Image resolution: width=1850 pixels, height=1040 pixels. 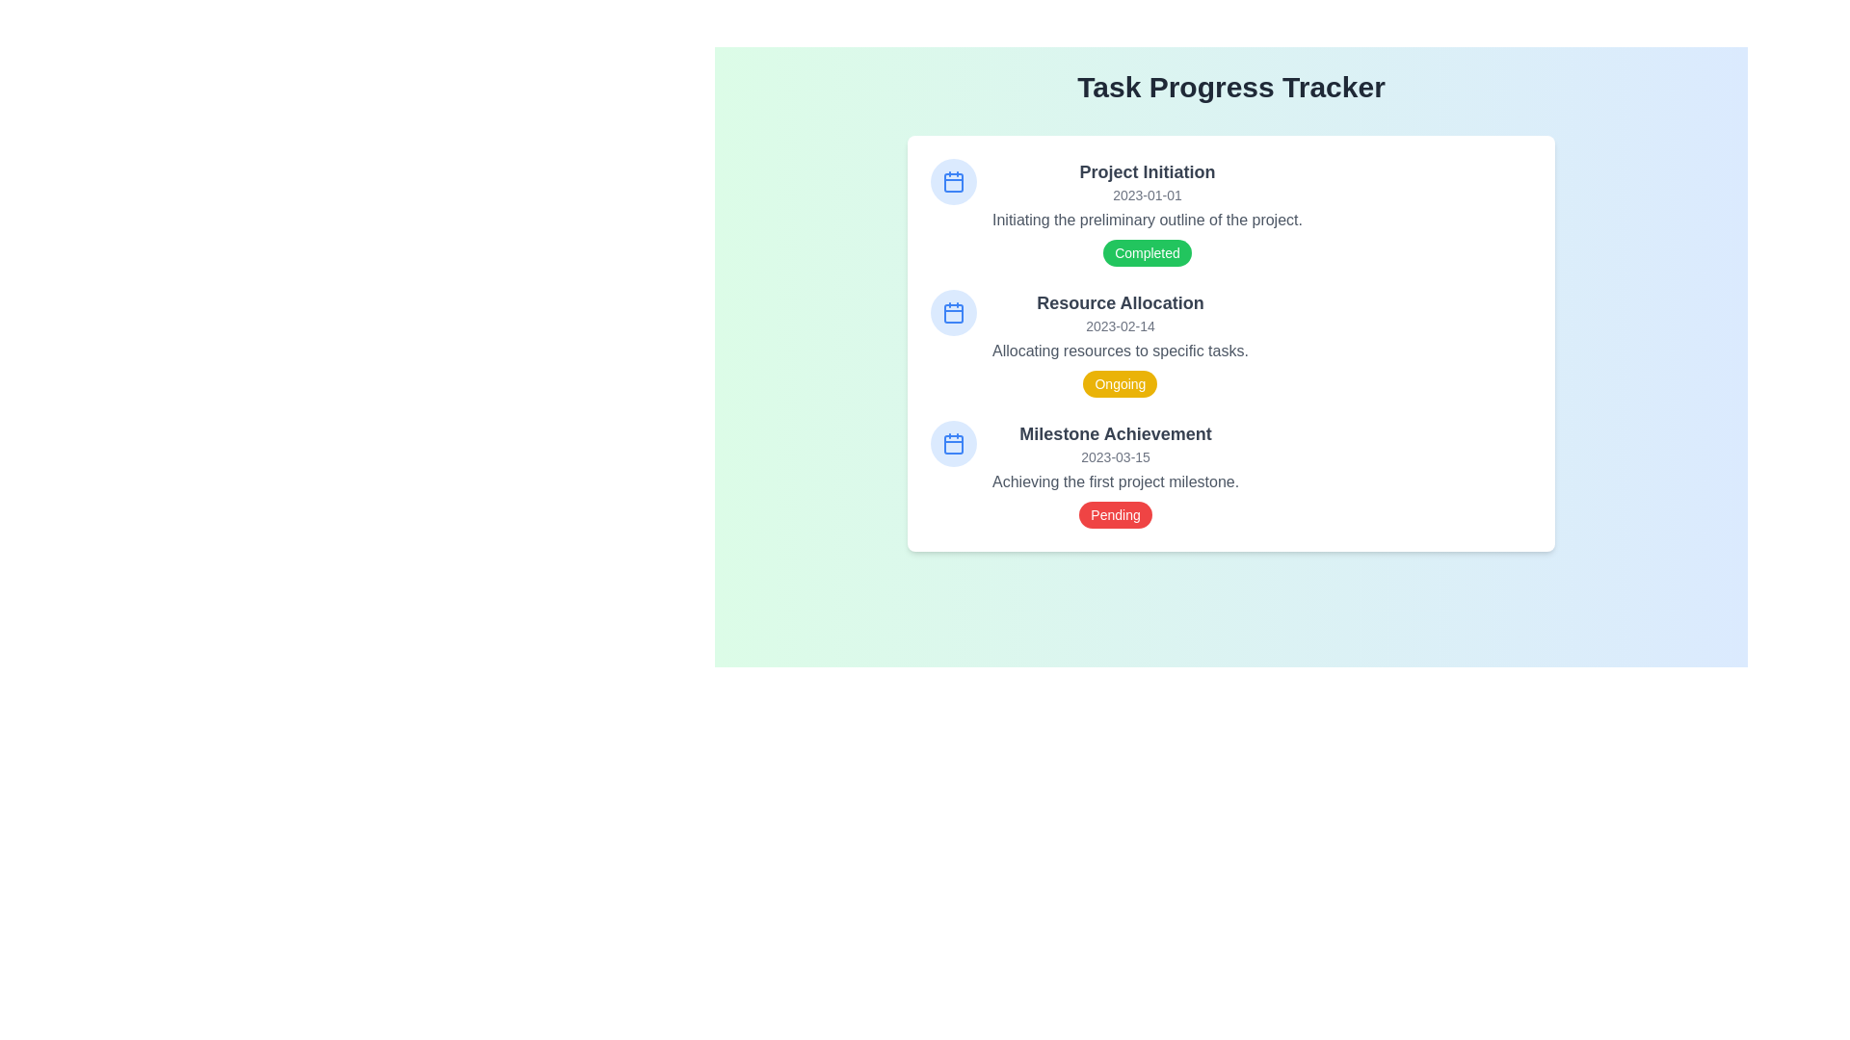 What do you see at coordinates (953, 182) in the screenshot?
I see `the calendar icon styled with rounded corners, featuring blue color and placed within a light blue circular background, located next to the 'Project Initiation' task item in the 'Task Progress Tracker' interface` at bounding box center [953, 182].